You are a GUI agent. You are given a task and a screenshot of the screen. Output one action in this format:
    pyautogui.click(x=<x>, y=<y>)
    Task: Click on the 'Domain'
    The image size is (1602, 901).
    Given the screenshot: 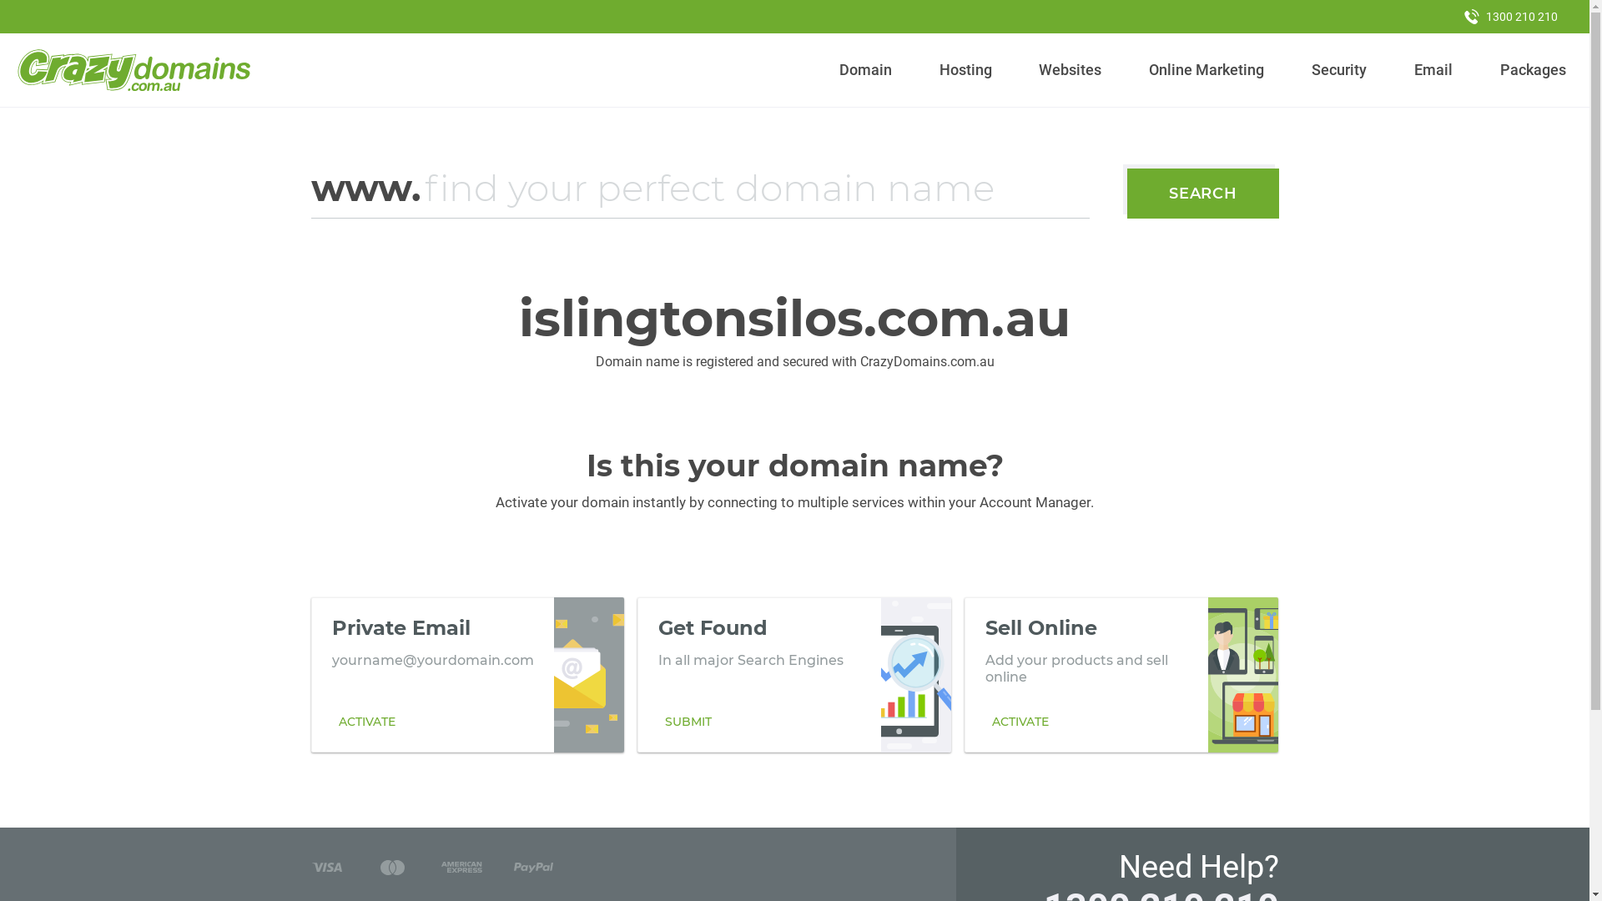 What is the action you would take?
    pyautogui.click(x=865, y=69)
    